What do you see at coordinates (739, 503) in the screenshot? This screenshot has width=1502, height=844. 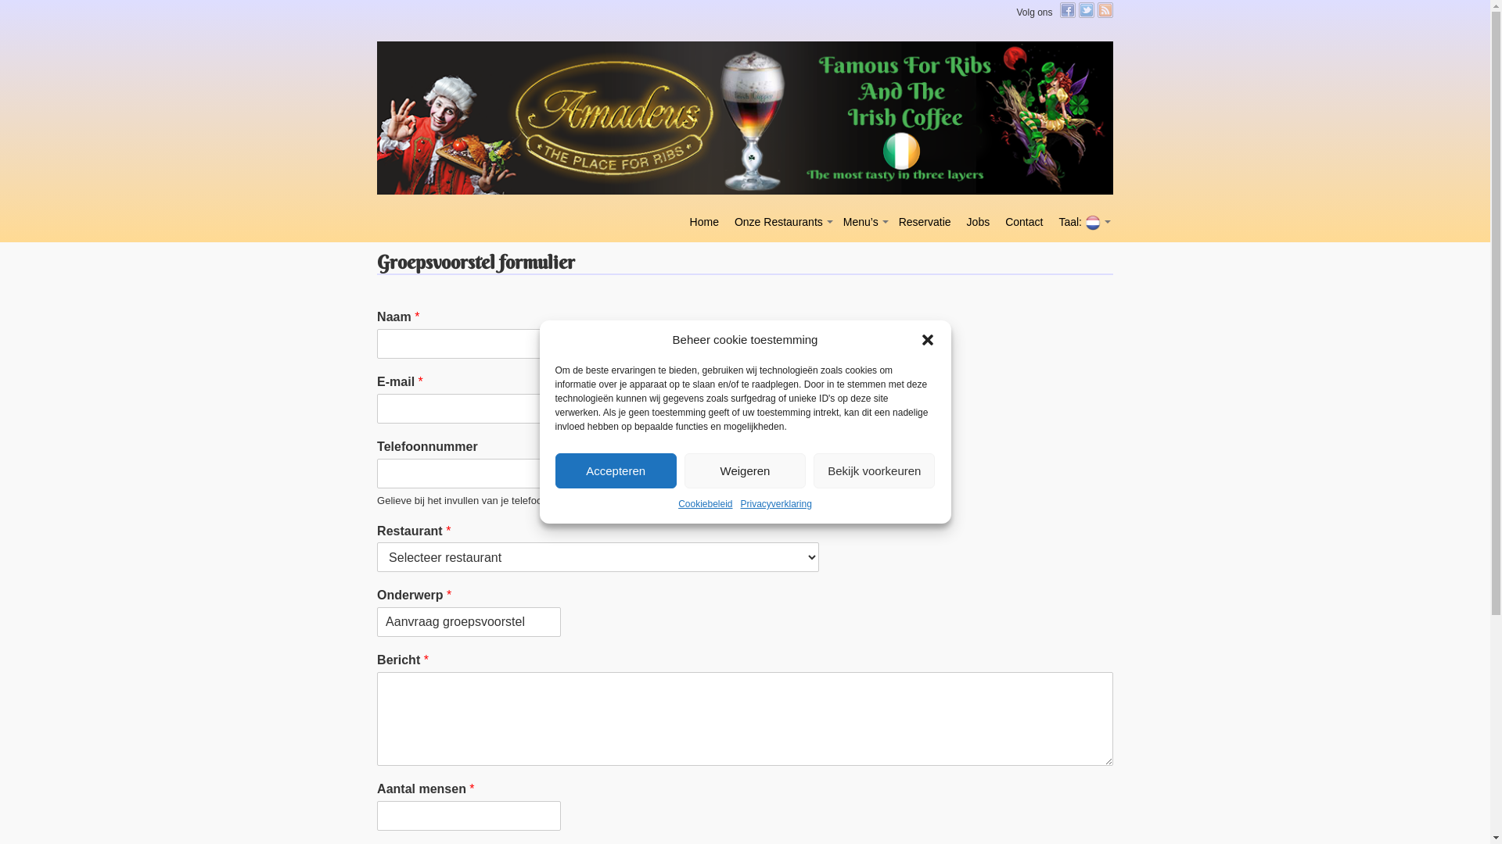 I see `'Privacyverklaring'` at bounding box center [739, 503].